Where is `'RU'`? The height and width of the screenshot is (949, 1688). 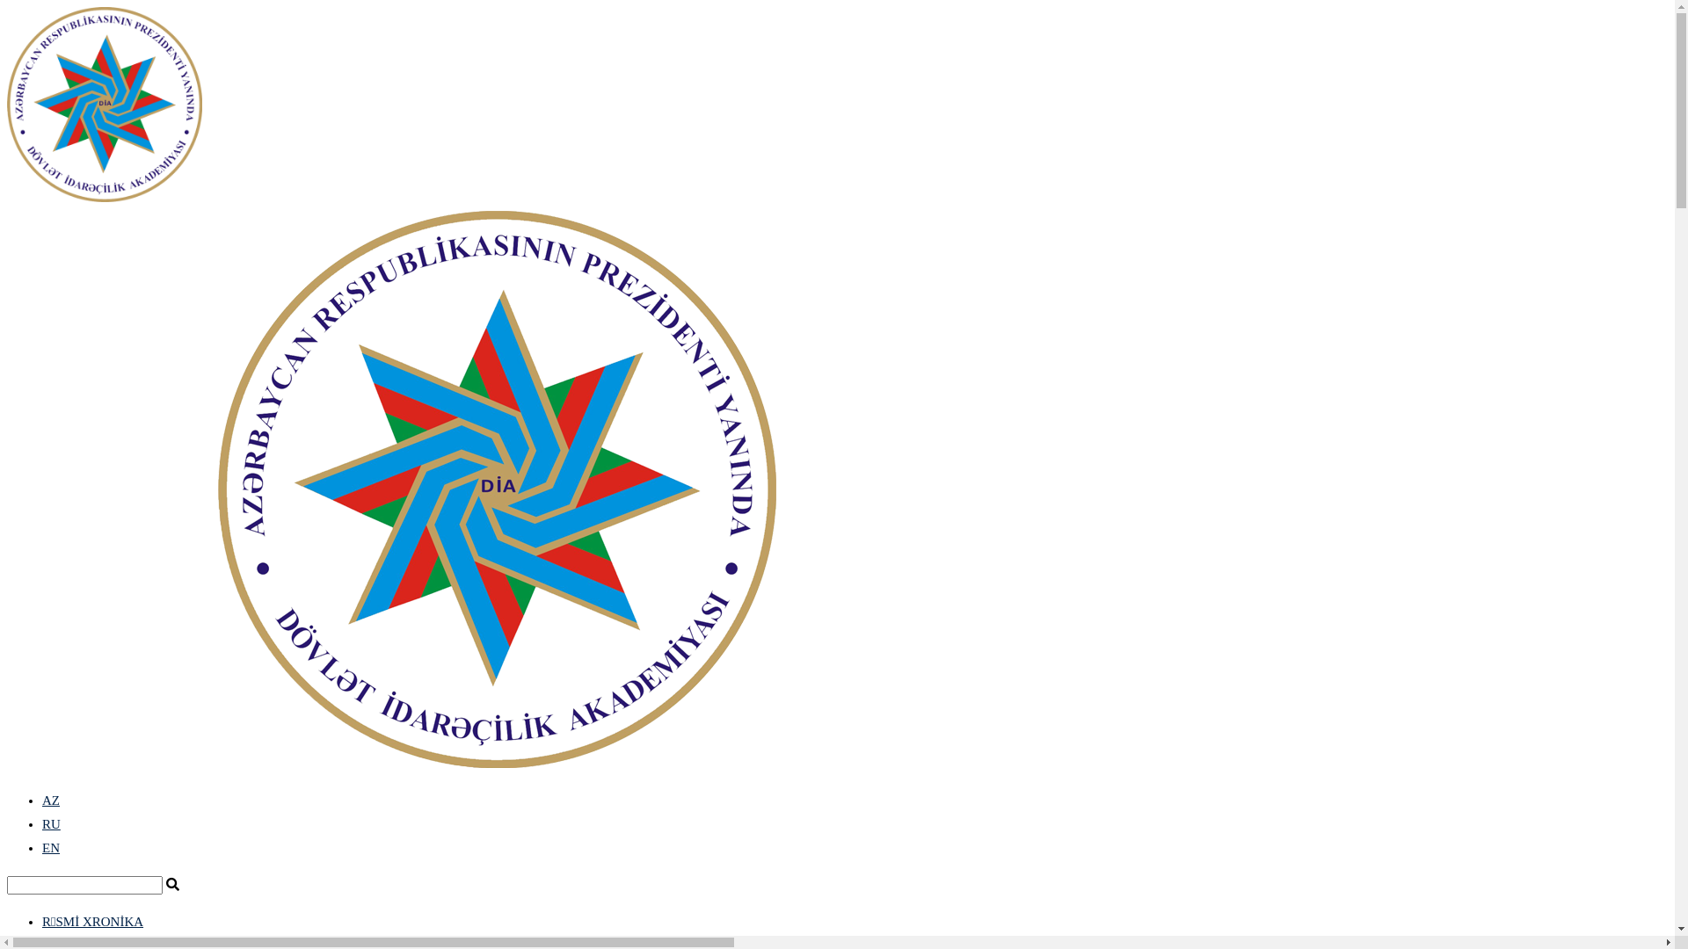 'RU' is located at coordinates (51, 823).